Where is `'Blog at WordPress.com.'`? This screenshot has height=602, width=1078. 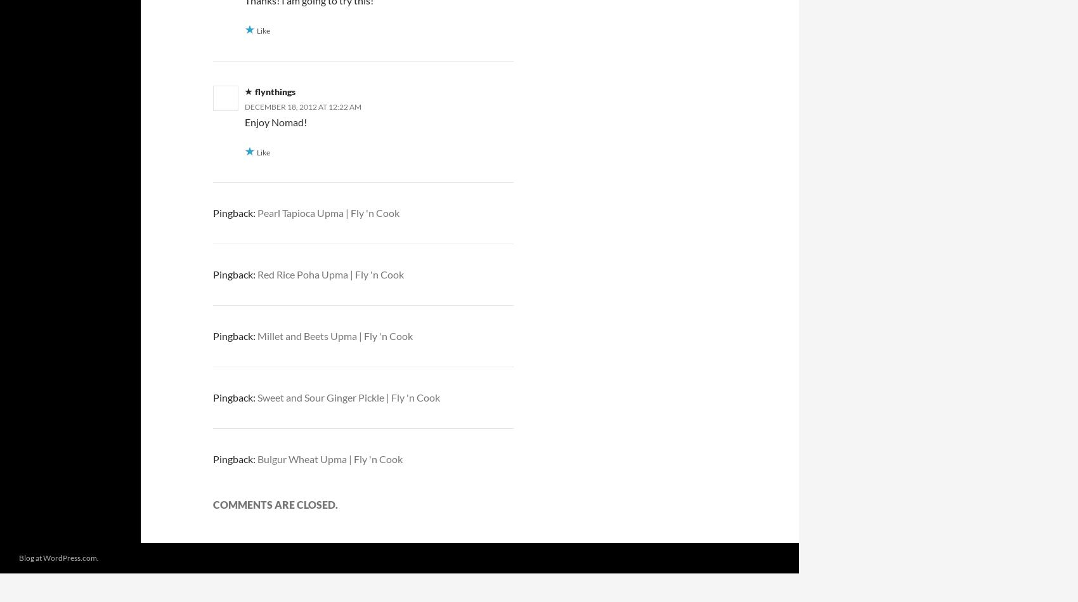
'Blog at WordPress.com.' is located at coordinates (58, 557).